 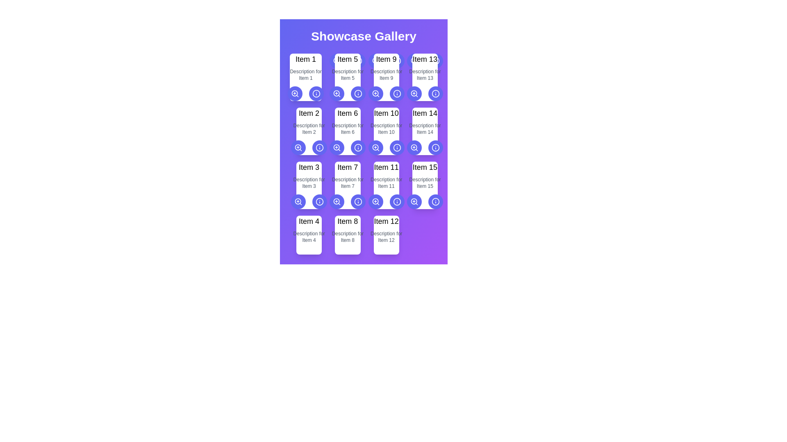 What do you see at coordinates (348, 77) in the screenshot?
I see `the item card representing 'Item 5' in the gallery` at bounding box center [348, 77].